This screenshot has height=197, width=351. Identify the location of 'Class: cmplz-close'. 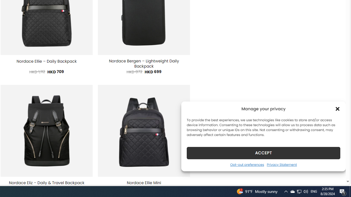
(337, 109).